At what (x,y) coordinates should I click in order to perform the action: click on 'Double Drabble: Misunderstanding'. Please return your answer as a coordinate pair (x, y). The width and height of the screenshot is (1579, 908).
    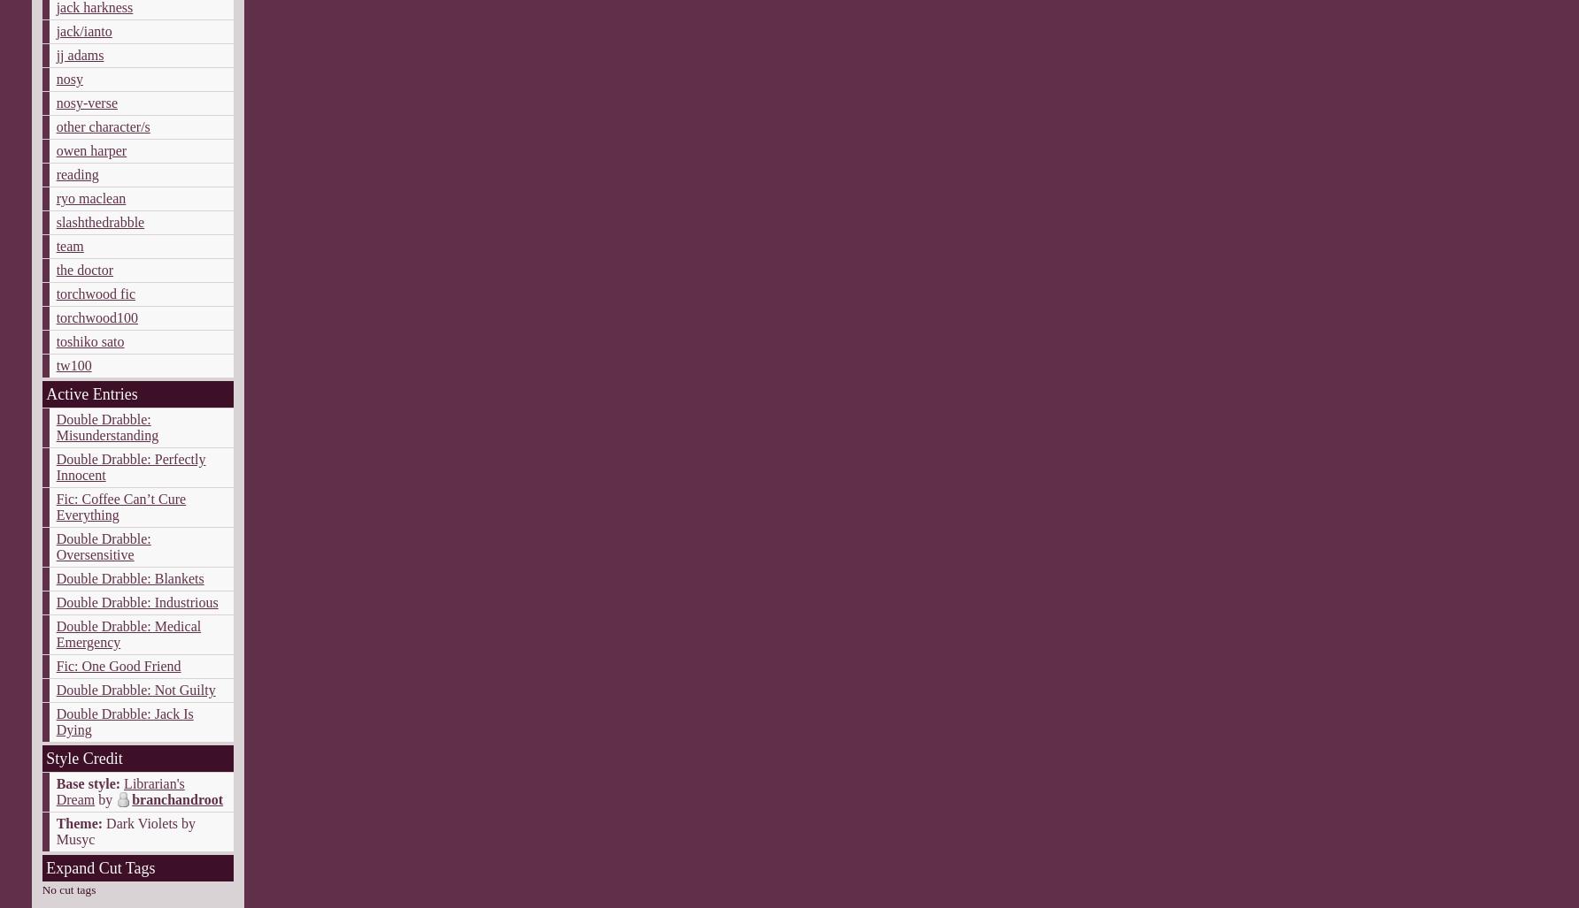
    Looking at the image, I should click on (105, 427).